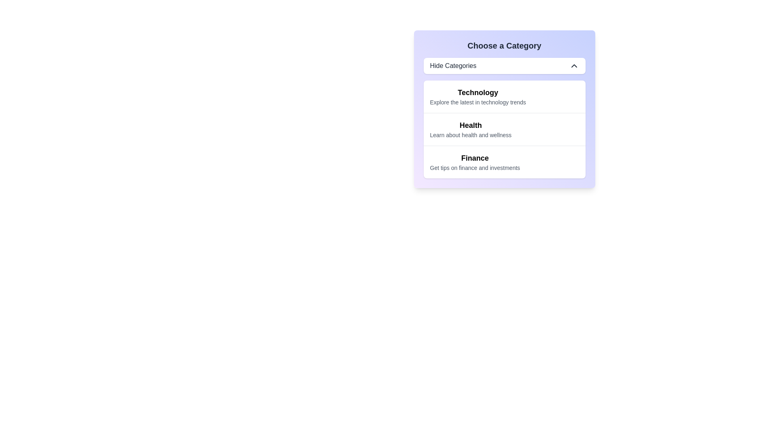 This screenshot has width=777, height=437. What do you see at coordinates (573, 65) in the screenshot?
I see `the Chevron-Up icon located at the rightmost side of the 'Hide Categories' header bar` at bounding box center [573, 65].